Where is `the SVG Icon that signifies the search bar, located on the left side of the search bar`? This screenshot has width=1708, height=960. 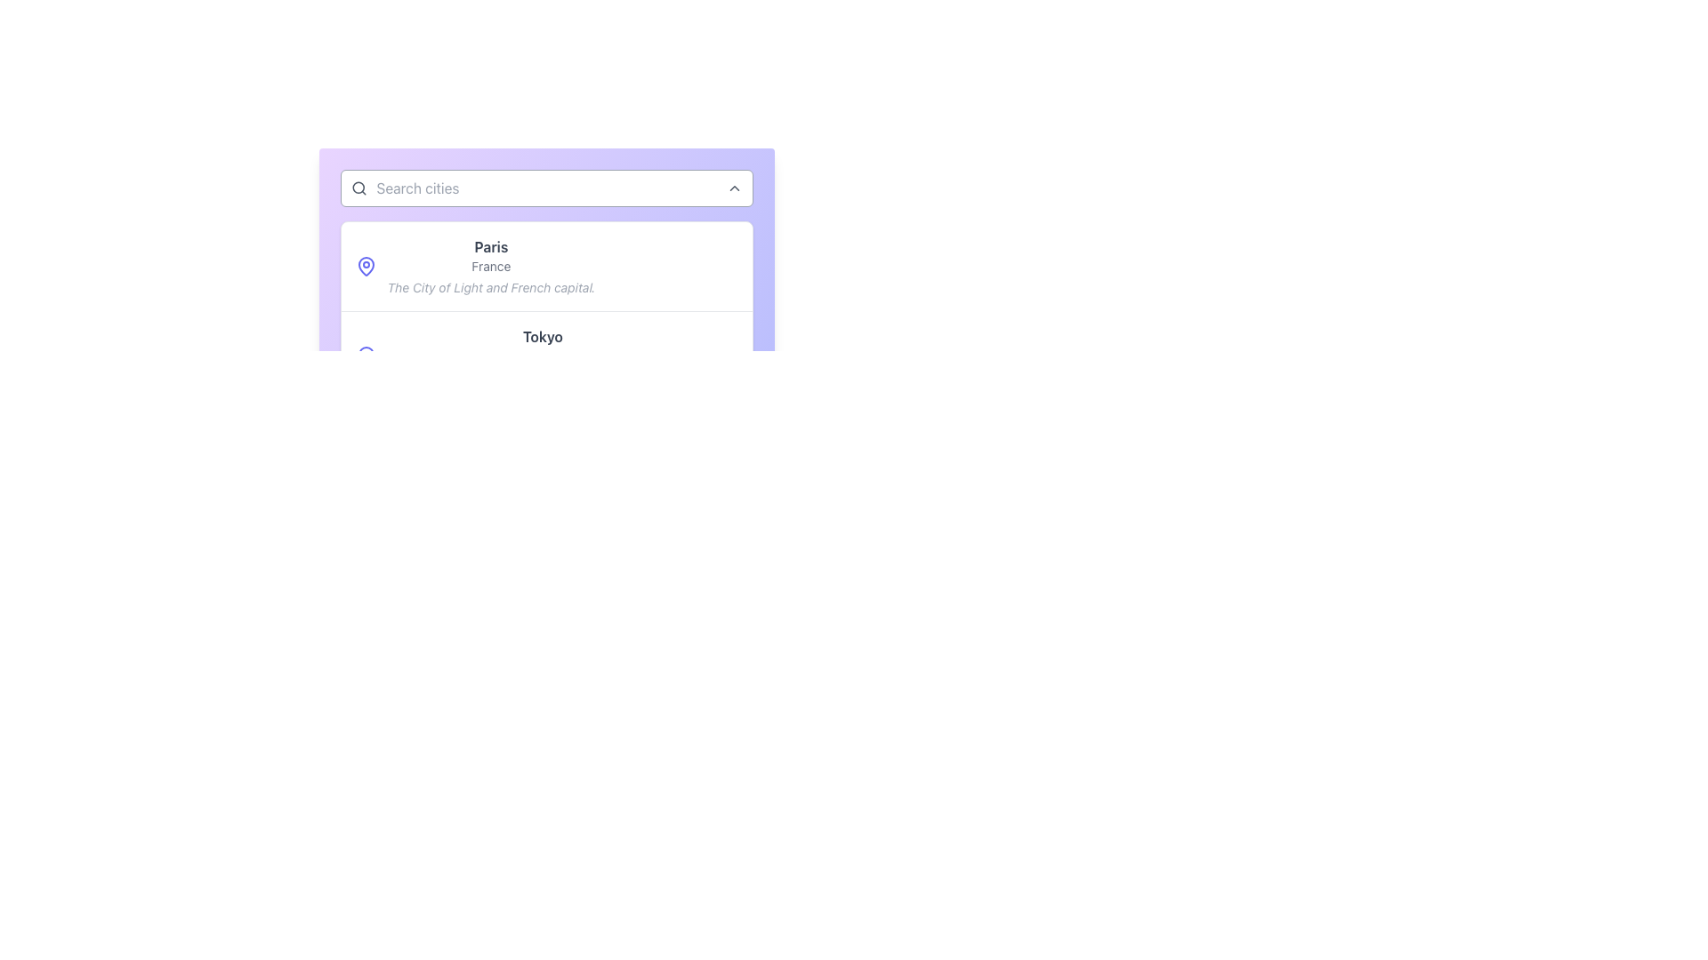
the SVG Icon that signifies the search bar, located on the left side of the search bar is located at coordinates (358, 188).